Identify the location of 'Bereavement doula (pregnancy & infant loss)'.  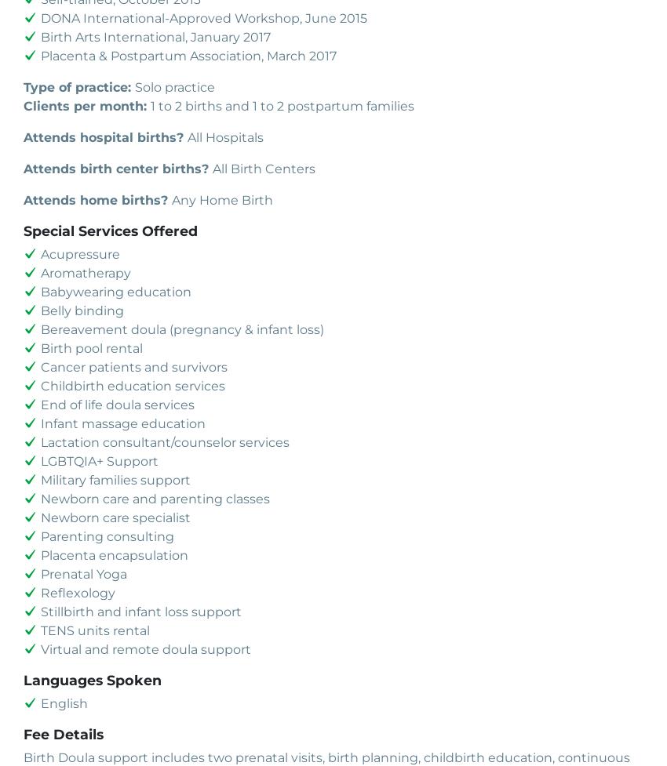
(41, 329).